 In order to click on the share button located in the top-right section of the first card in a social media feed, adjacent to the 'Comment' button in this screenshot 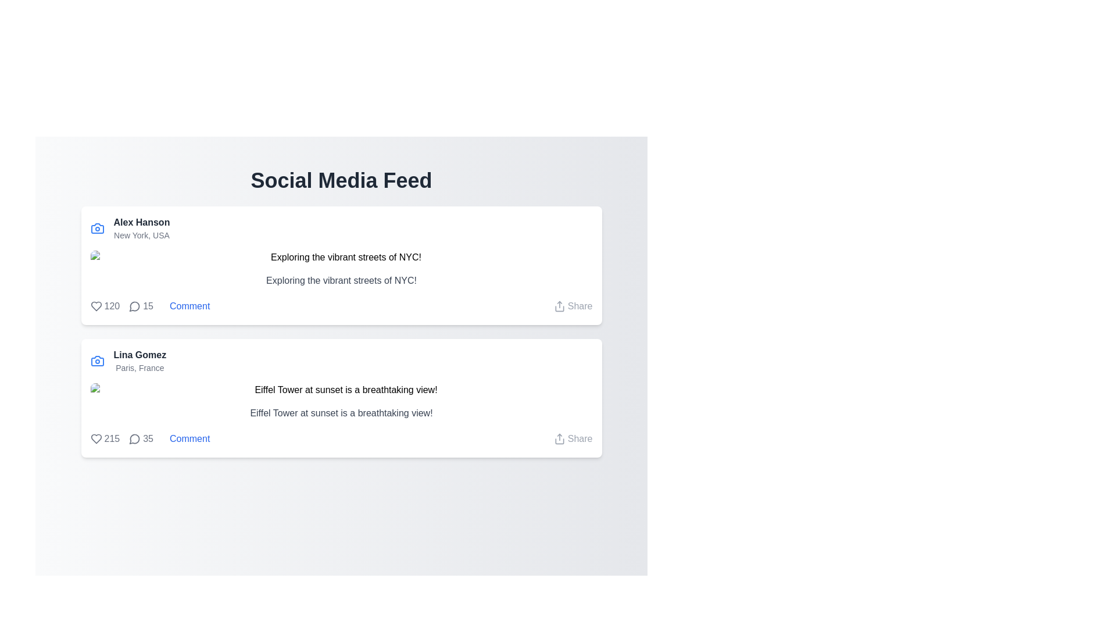, I will do `click(573, 306)`.